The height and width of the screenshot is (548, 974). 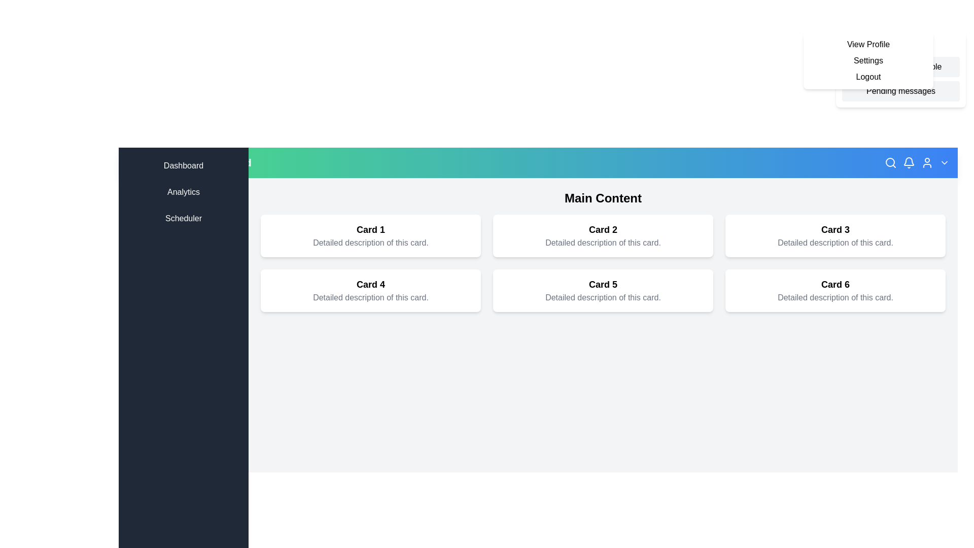 What do you see at coordinates (603, 284) in the screenshot?
I see `the text element styled as a title with the wording 'Card 5', which is bold and large, positioned centrally at the top of its containing card in the second row of a 3x2 grid layout` at bounding box center [603, 284].